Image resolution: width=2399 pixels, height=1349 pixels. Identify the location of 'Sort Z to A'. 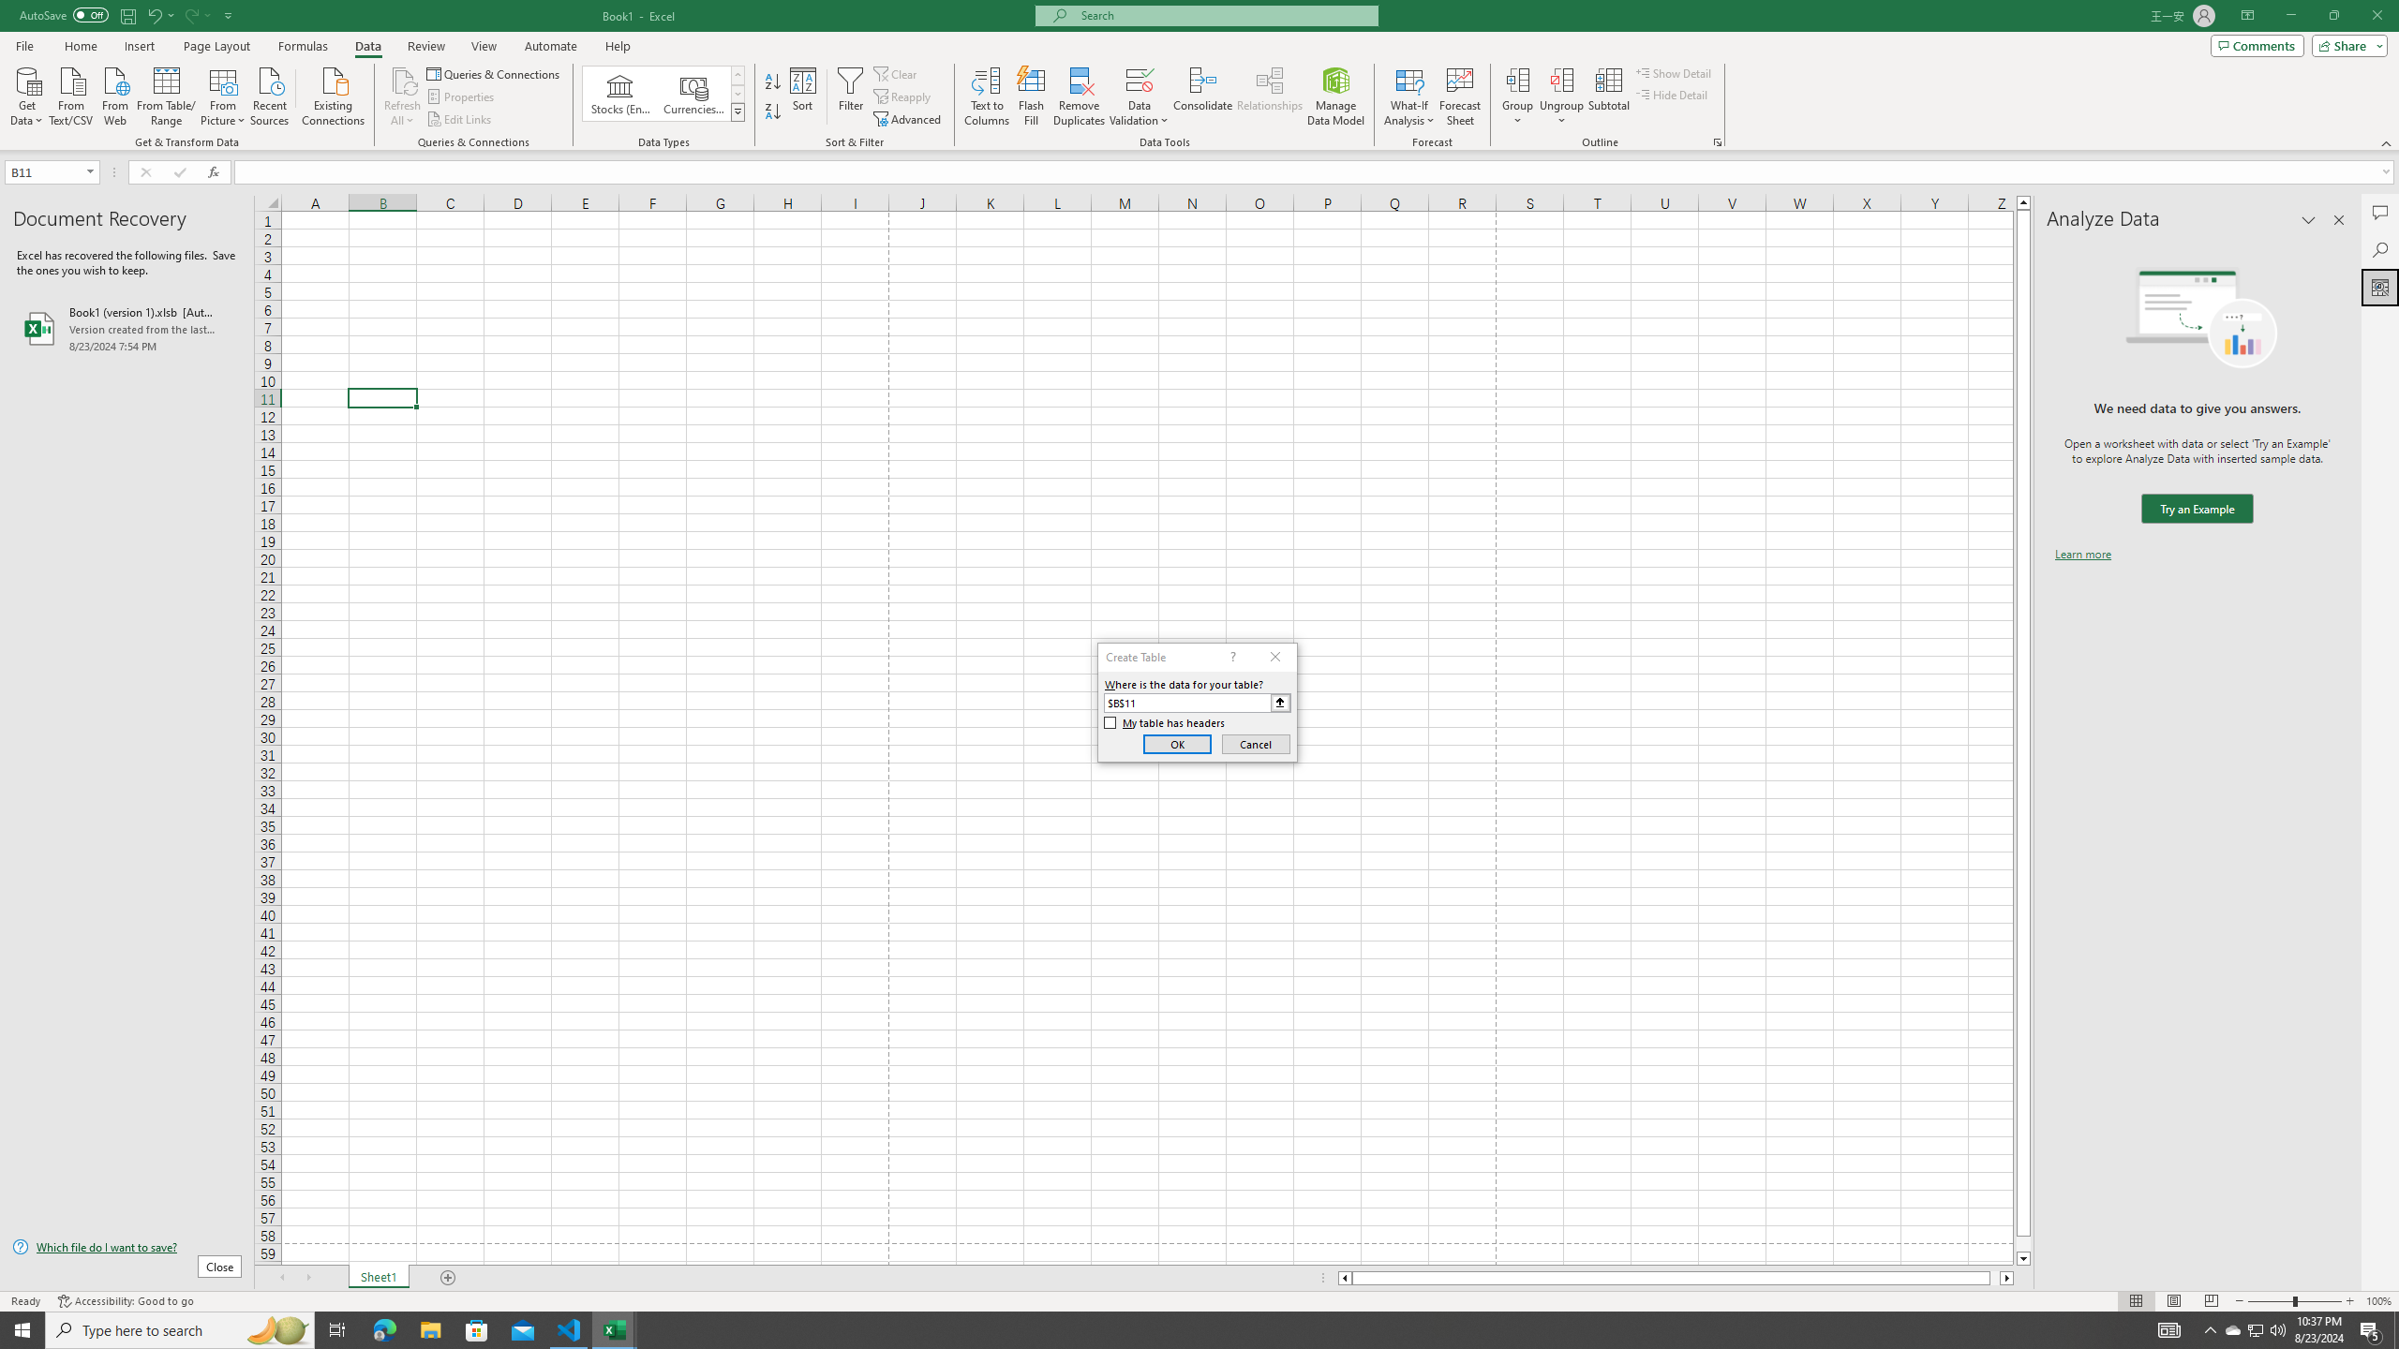
(772, 111).